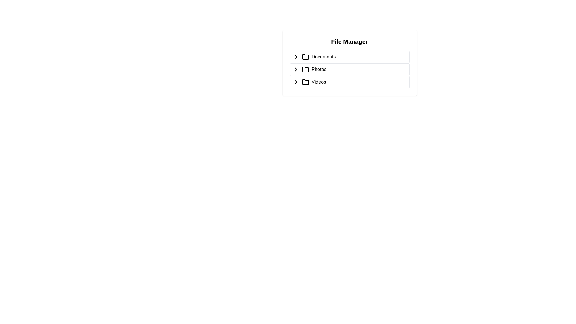 Image resolution: width=576 pixels, height=324 pixels. What do you see at coordinates (296, 82) in the screenshot?
I see `the collapsible arrow icon to the left of the 'Videos' label` at bounding box center [296, 82].